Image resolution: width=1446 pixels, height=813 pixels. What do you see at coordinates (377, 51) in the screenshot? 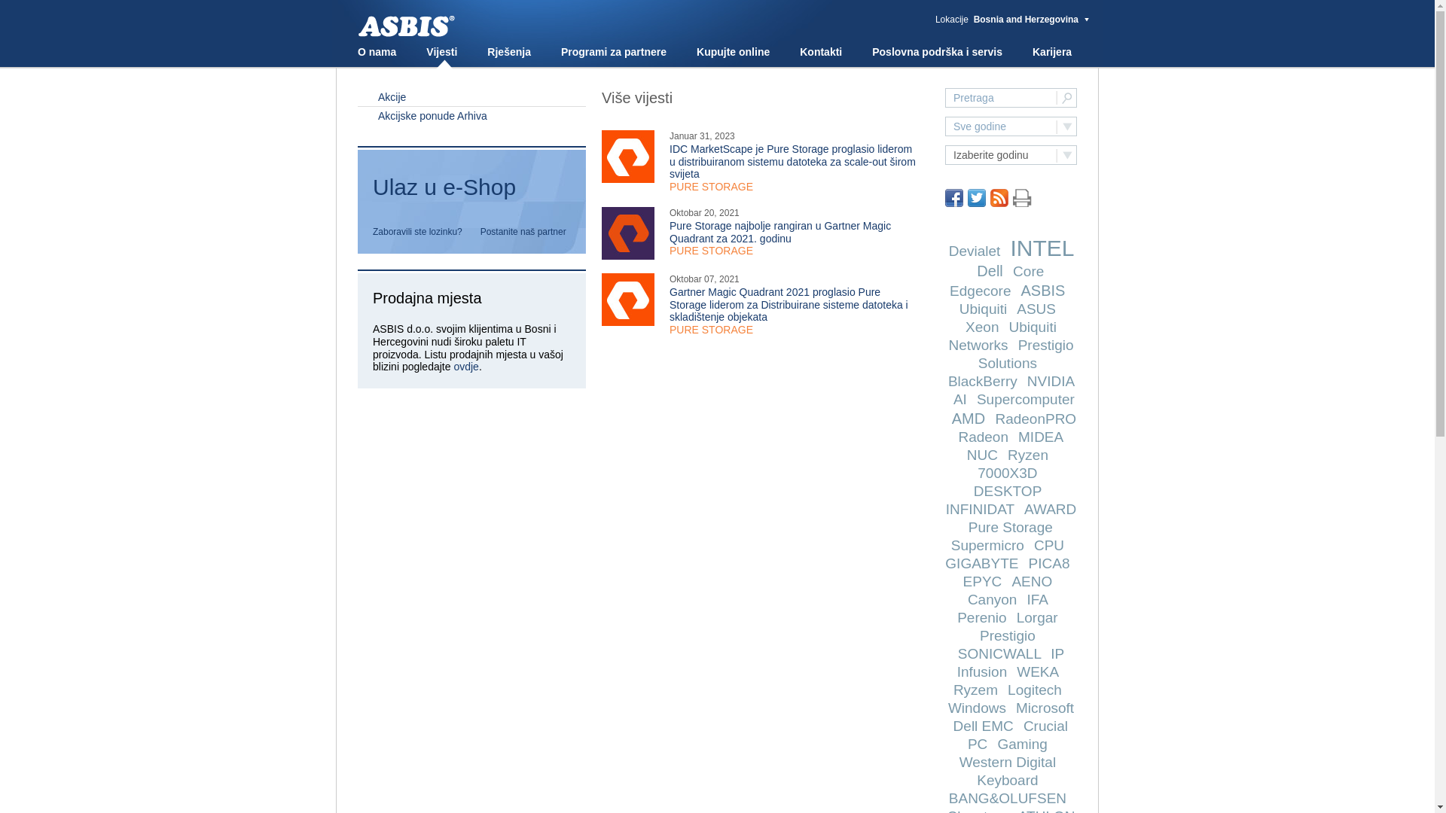
I see `'O nama'` at bounding box center [377, 51].